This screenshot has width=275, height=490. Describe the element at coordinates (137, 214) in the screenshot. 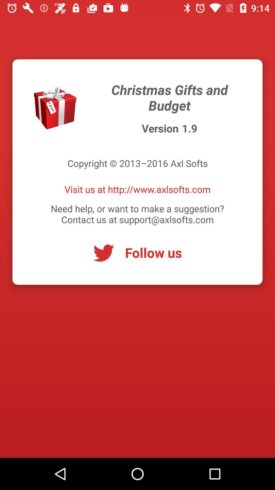

I see `the need help or icon` at that location.